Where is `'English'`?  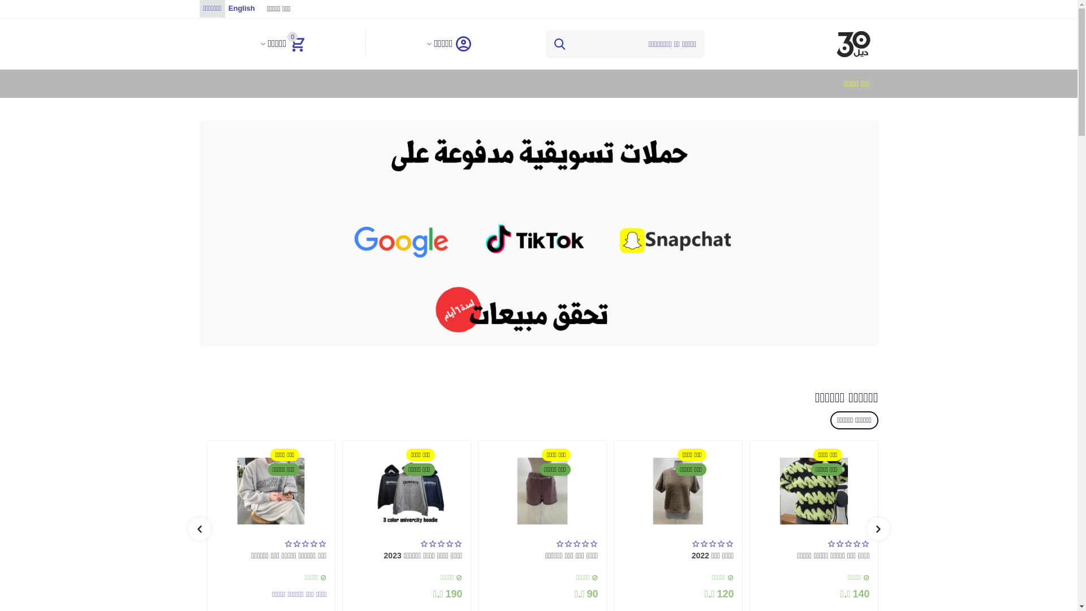 'English' is located at coordinates (241, 8).